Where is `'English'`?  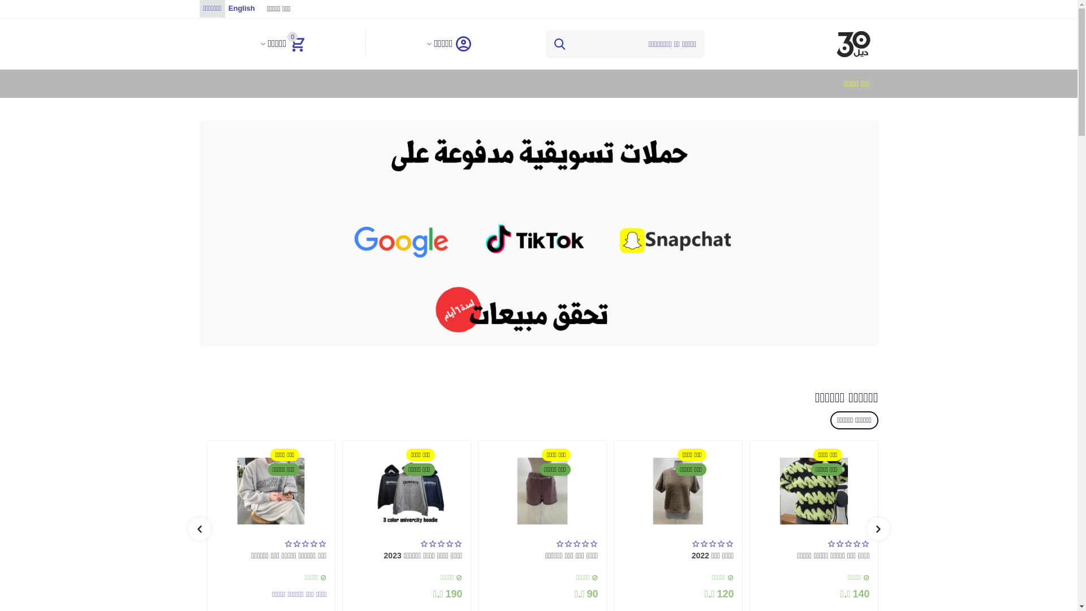 'English' is located at coordinates (241, 8).